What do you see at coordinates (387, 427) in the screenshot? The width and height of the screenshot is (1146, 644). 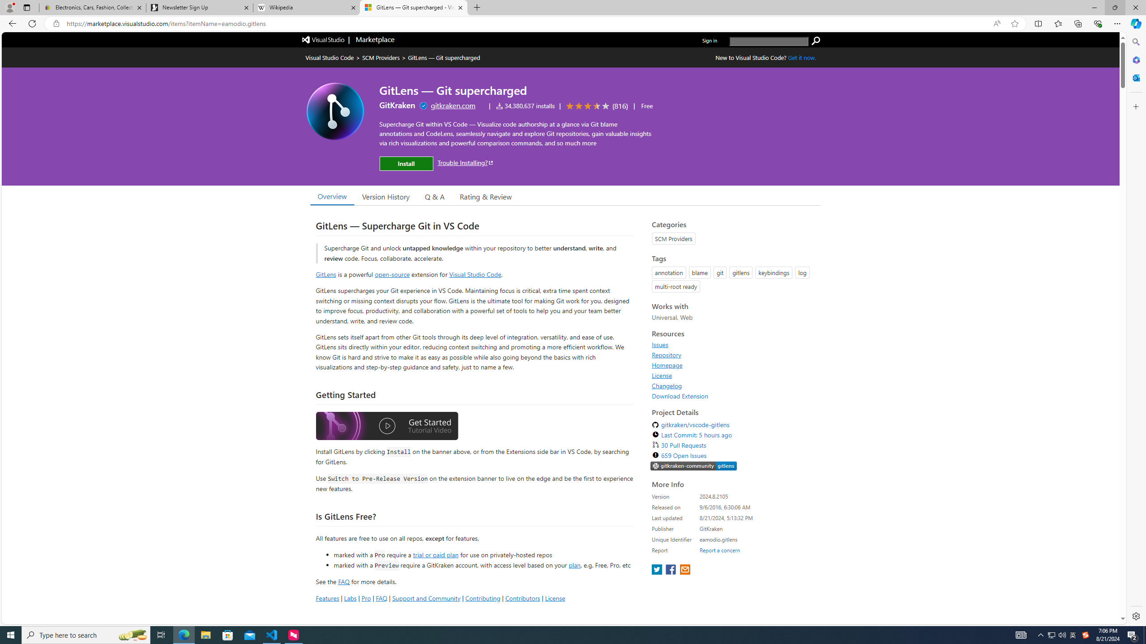 I see `'Watch the GitLens Getting Started video'` at bounding box center [387, 427].